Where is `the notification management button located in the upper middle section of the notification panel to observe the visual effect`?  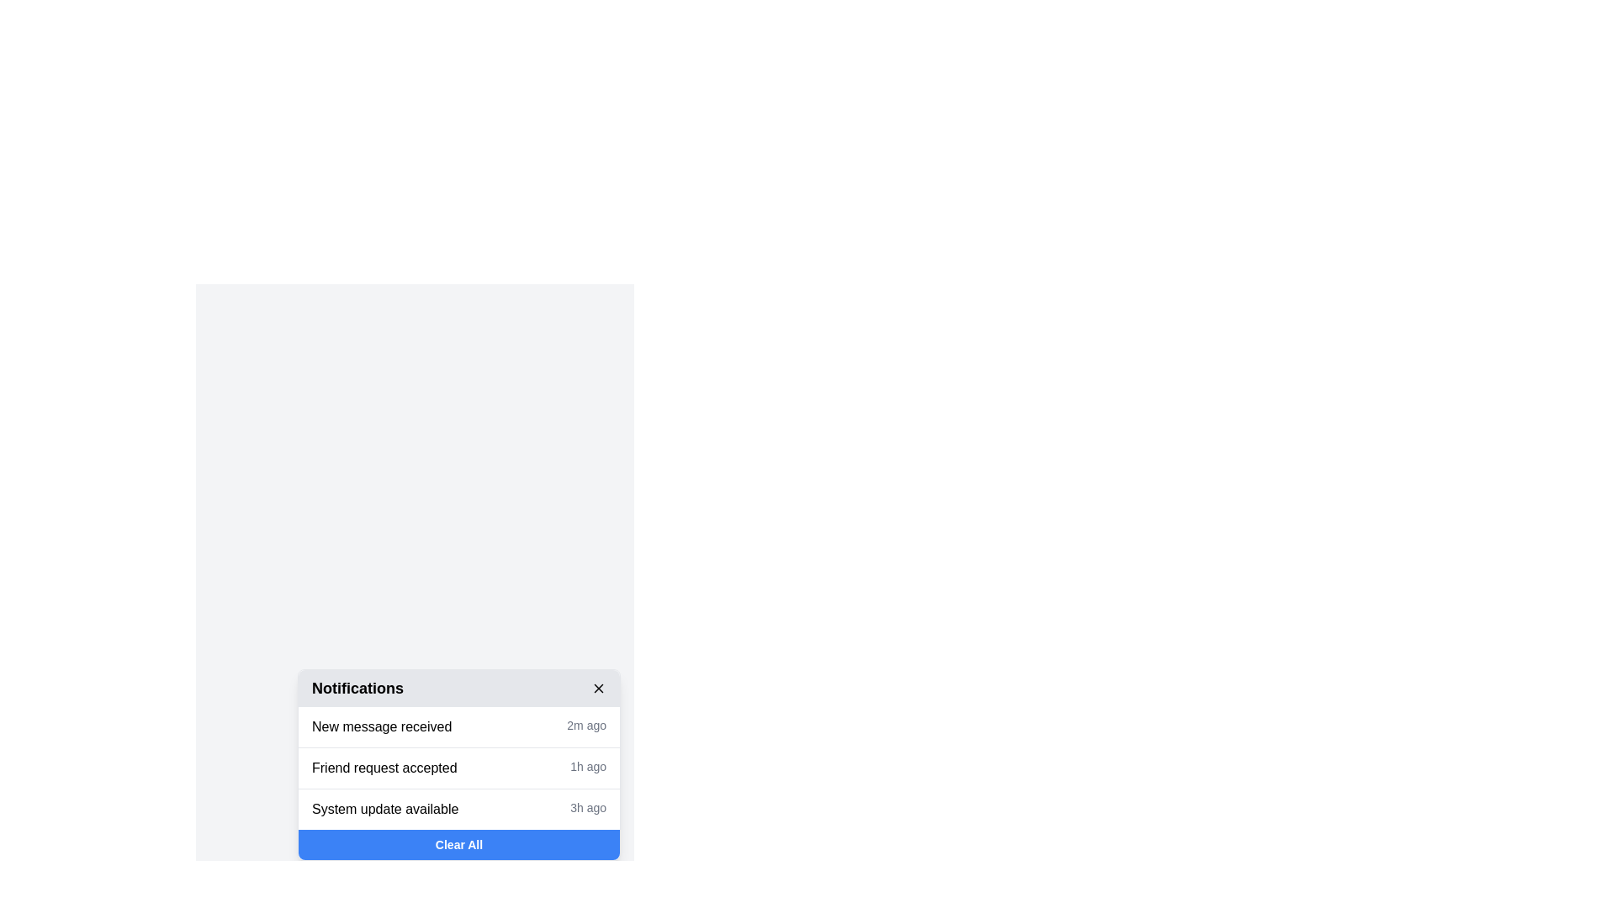 the notification management button located in the upper middle section of the notification panel to observe the visual effect is located at coordinates (415, 737).